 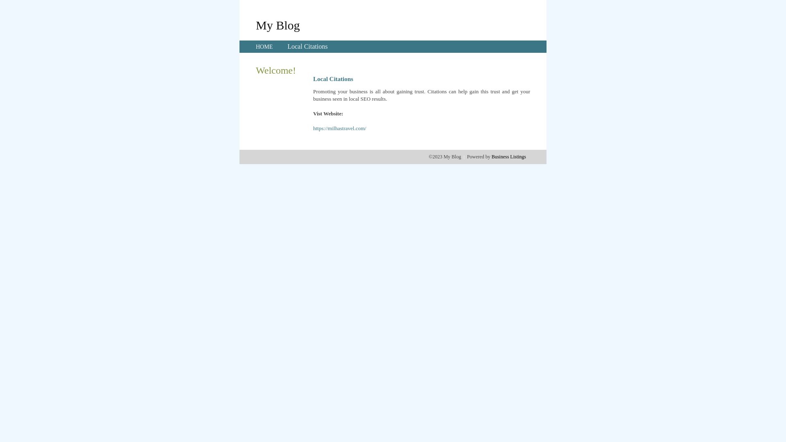 I want to click on 'https://milhastravel.com/', so click(x=340, y=128).